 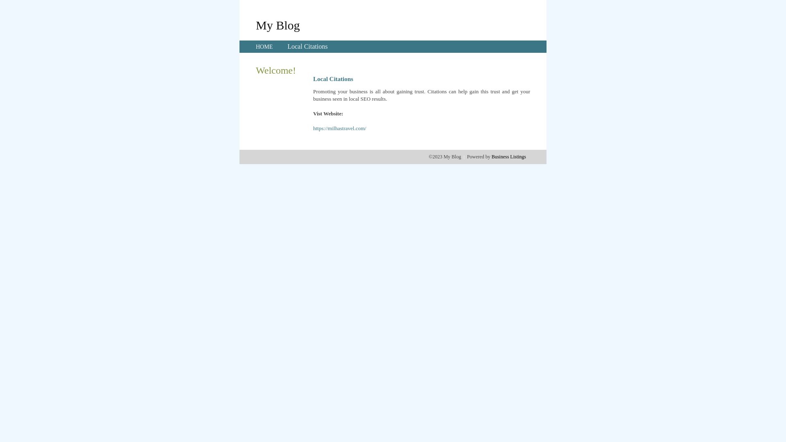 I want to click on 'https://milhastravel.com/', so click(x=340, y=128).